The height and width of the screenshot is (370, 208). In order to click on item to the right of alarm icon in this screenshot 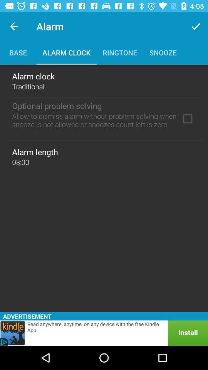, I will do `click(196, 26)`.